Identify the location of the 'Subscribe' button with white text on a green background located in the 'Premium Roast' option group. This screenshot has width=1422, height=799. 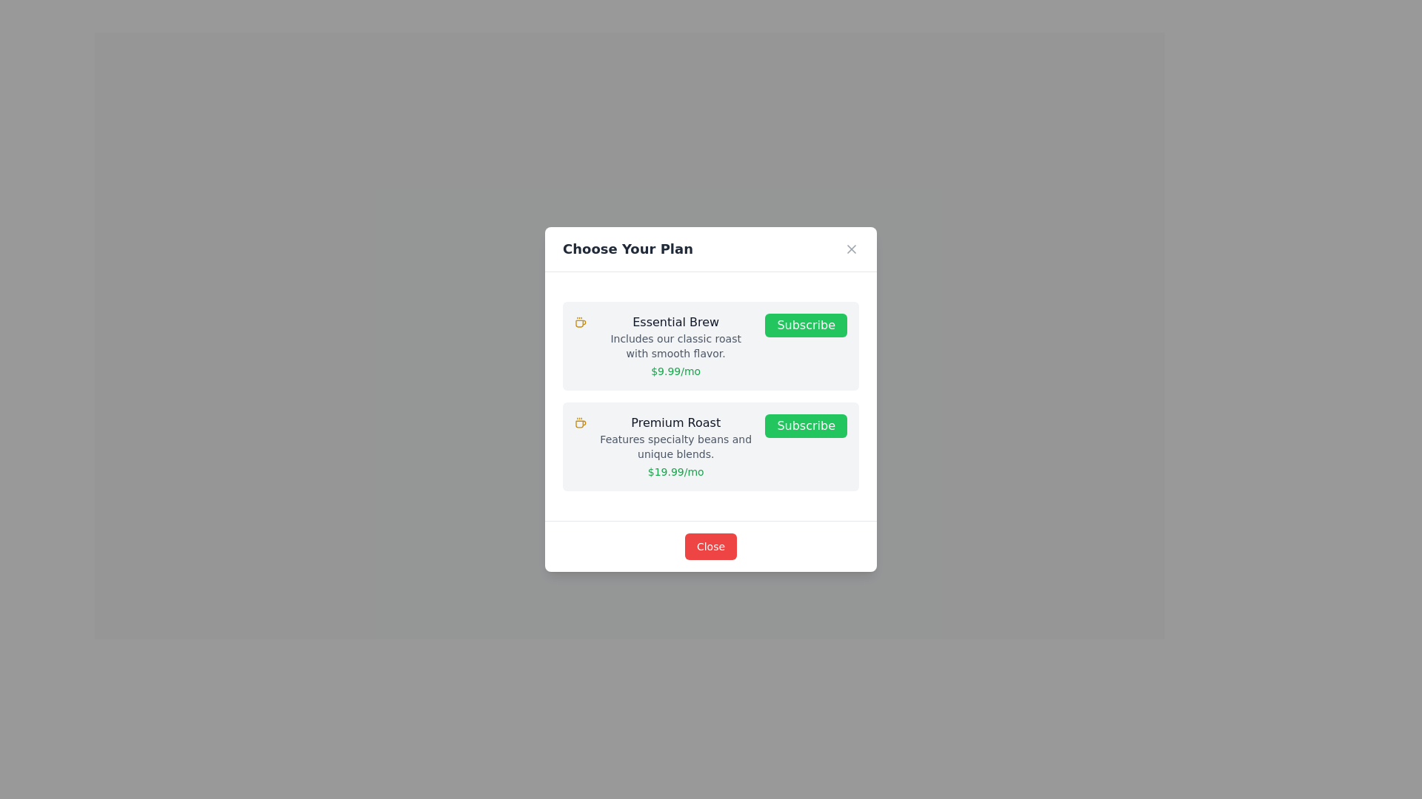
(805, 425).